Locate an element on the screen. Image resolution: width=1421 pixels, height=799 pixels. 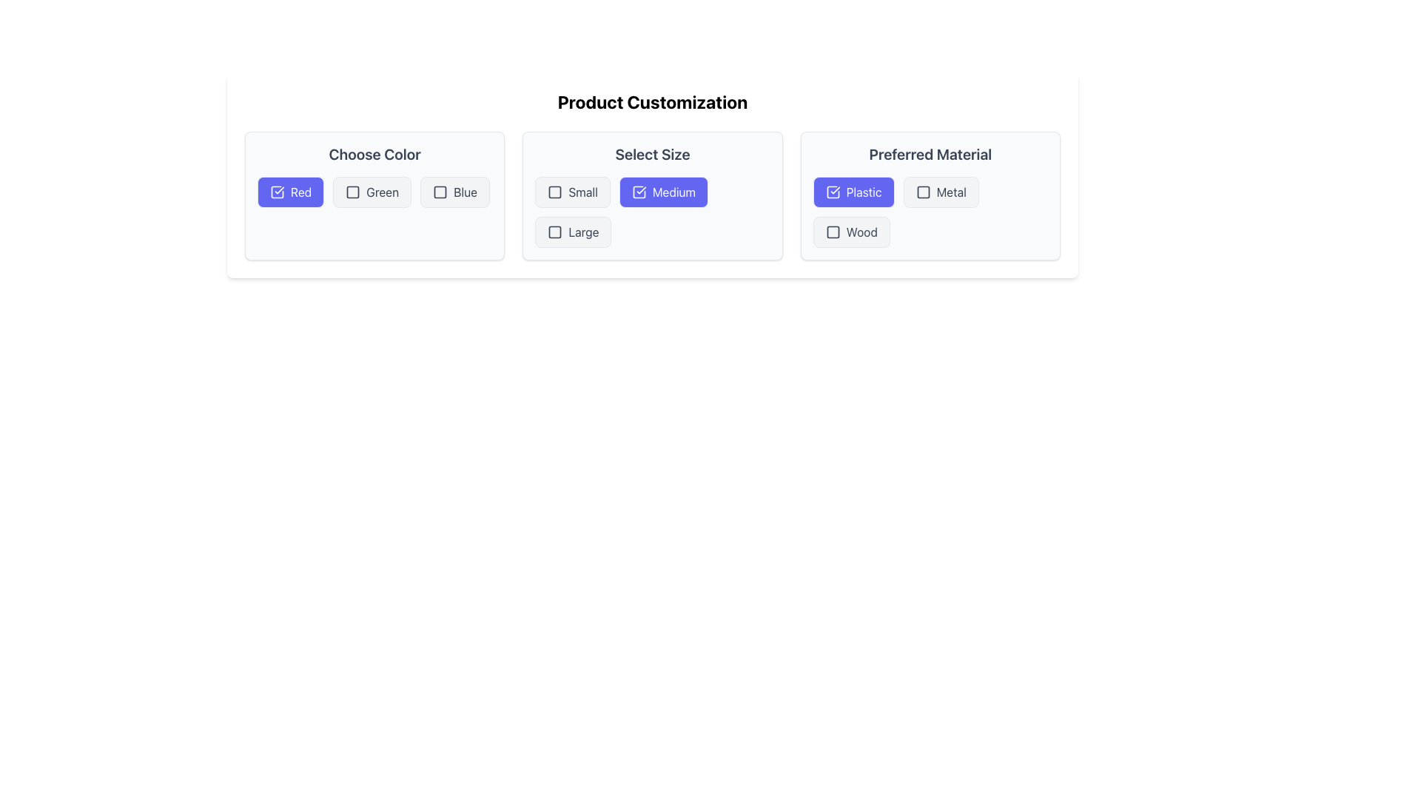
the checkbox icon next to the 'Metal' text in the 'Preferred Material' section is located at coordinates (922, 191).